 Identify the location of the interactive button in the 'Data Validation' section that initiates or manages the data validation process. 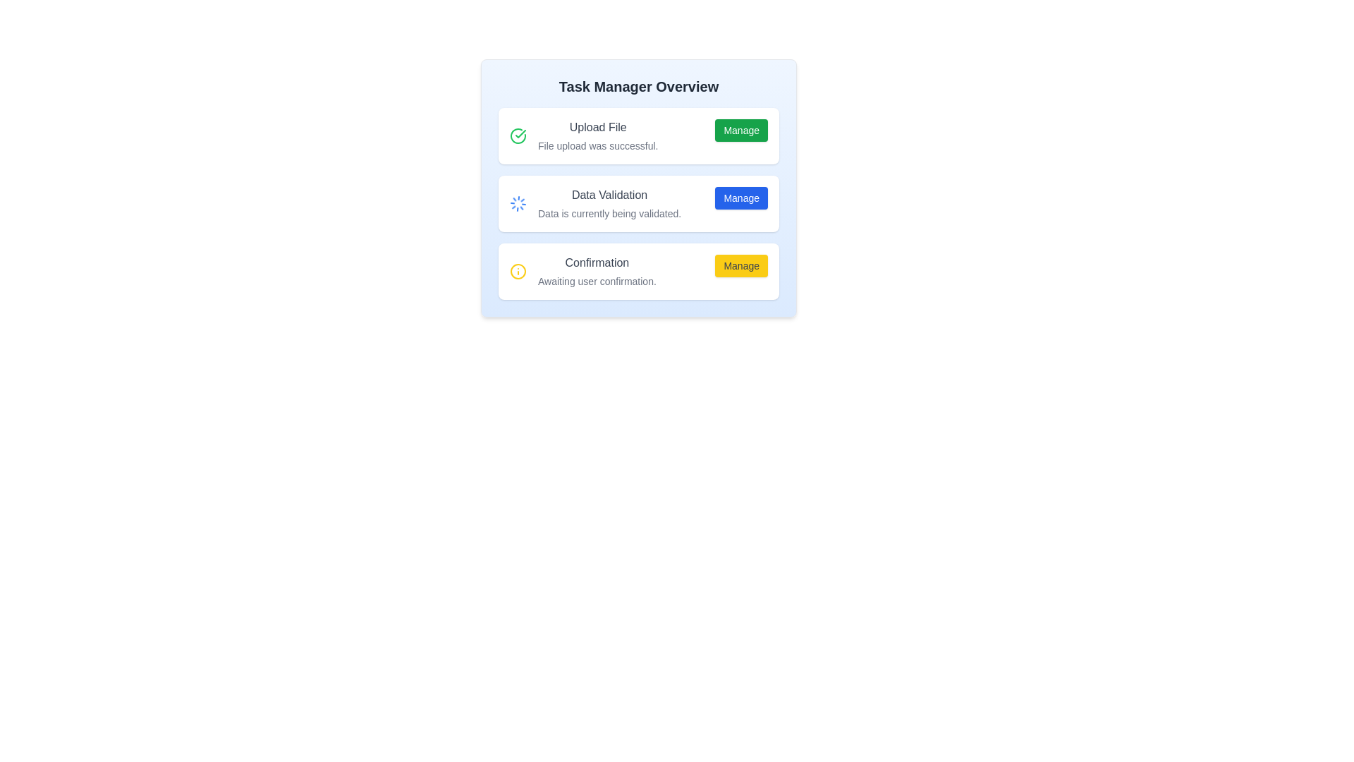
(740, 198).